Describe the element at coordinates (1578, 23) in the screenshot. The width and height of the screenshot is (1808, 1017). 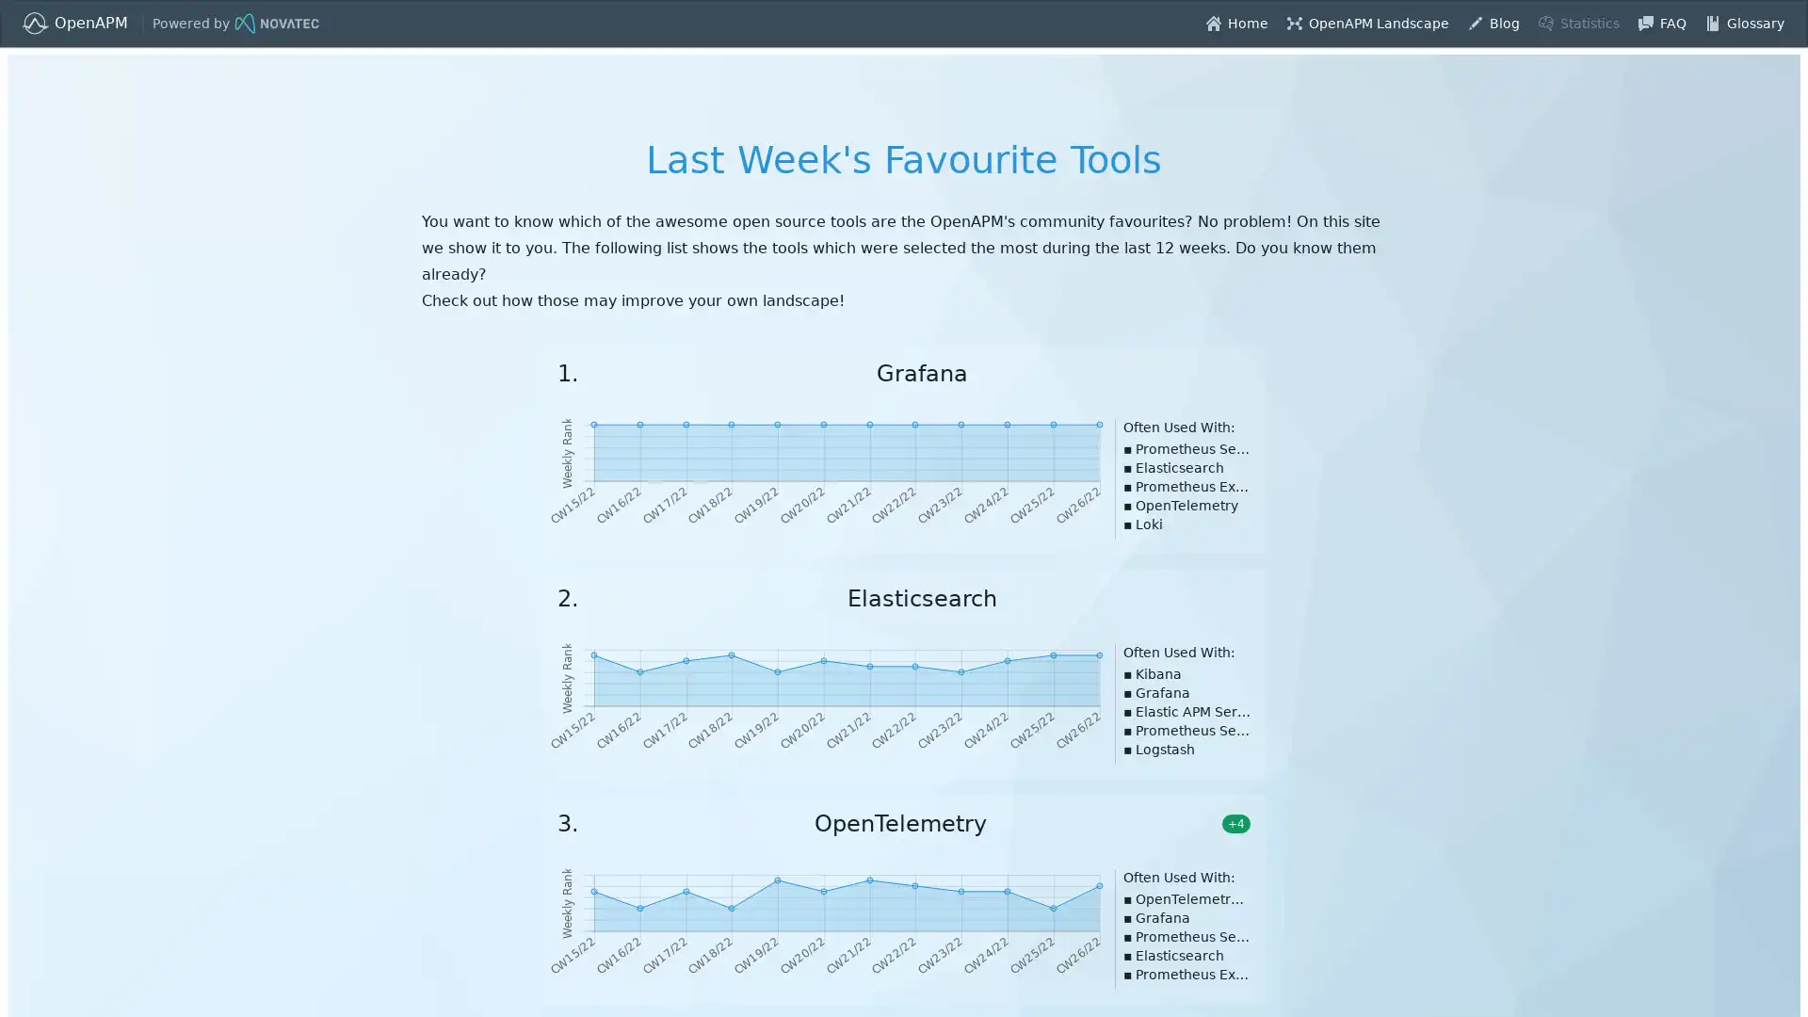
I see `predictive-analysis Statistics` at that location.